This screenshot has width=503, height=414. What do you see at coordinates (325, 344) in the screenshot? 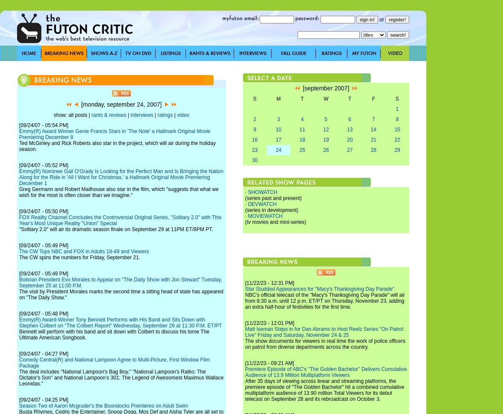
I see `'The show documents for viewers in real time the work of police officers on patrol from diverse departments across the country.'` at bounding box center [325, 344].